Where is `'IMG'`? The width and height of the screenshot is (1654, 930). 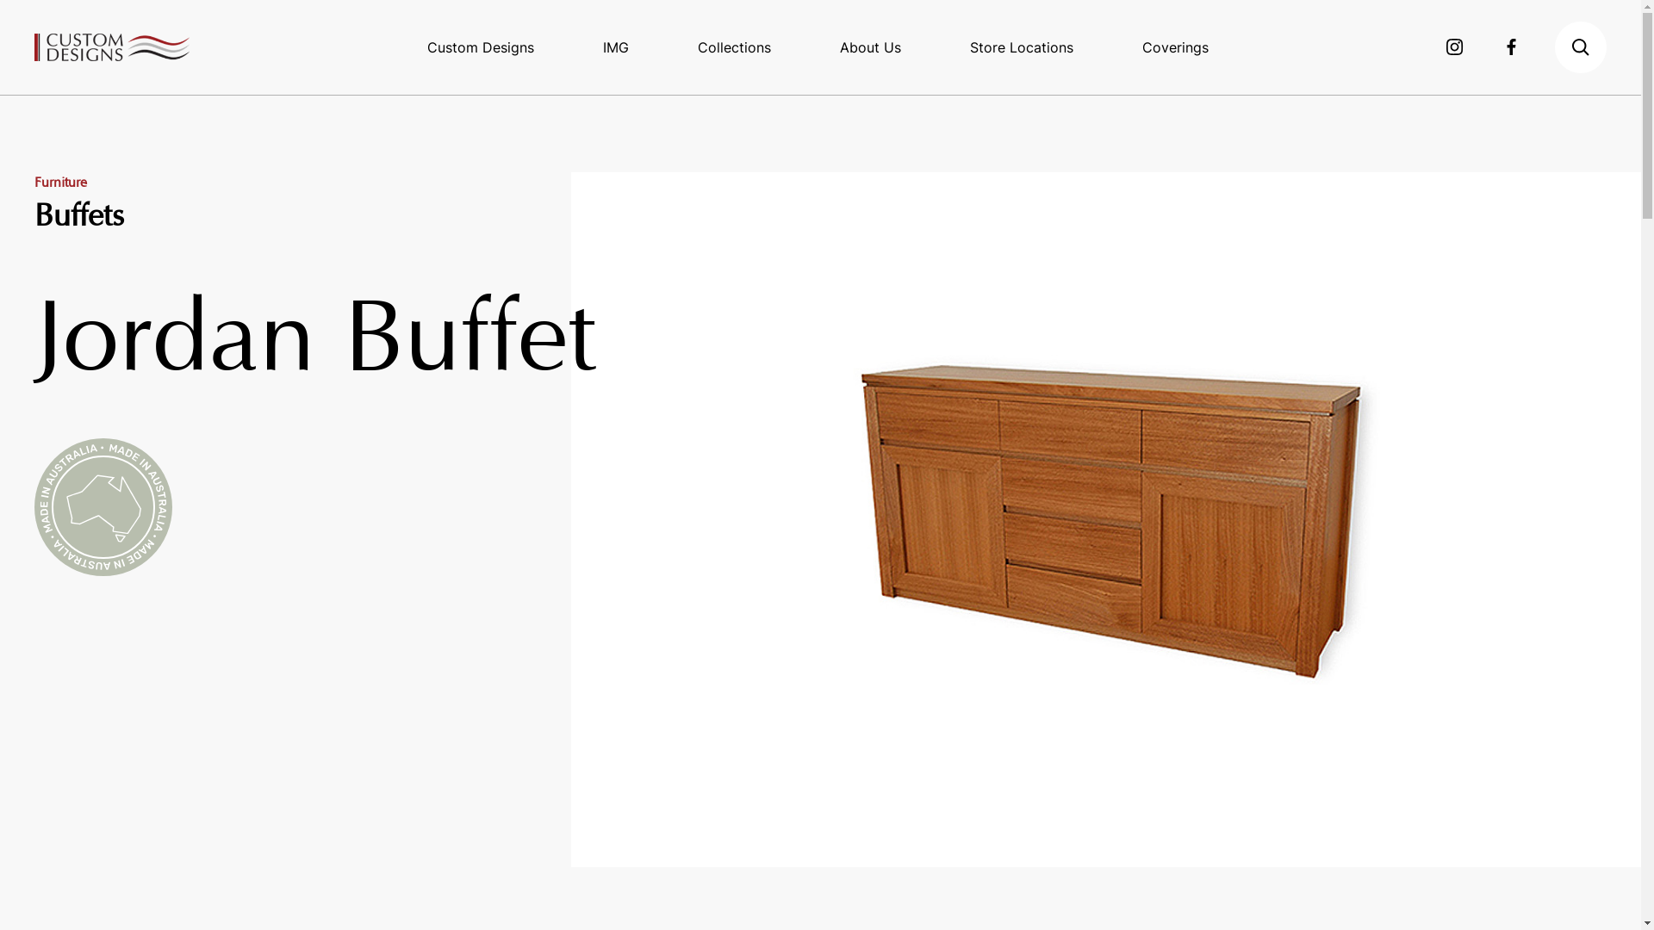
'IMG' is located at coordinates (616, 46).